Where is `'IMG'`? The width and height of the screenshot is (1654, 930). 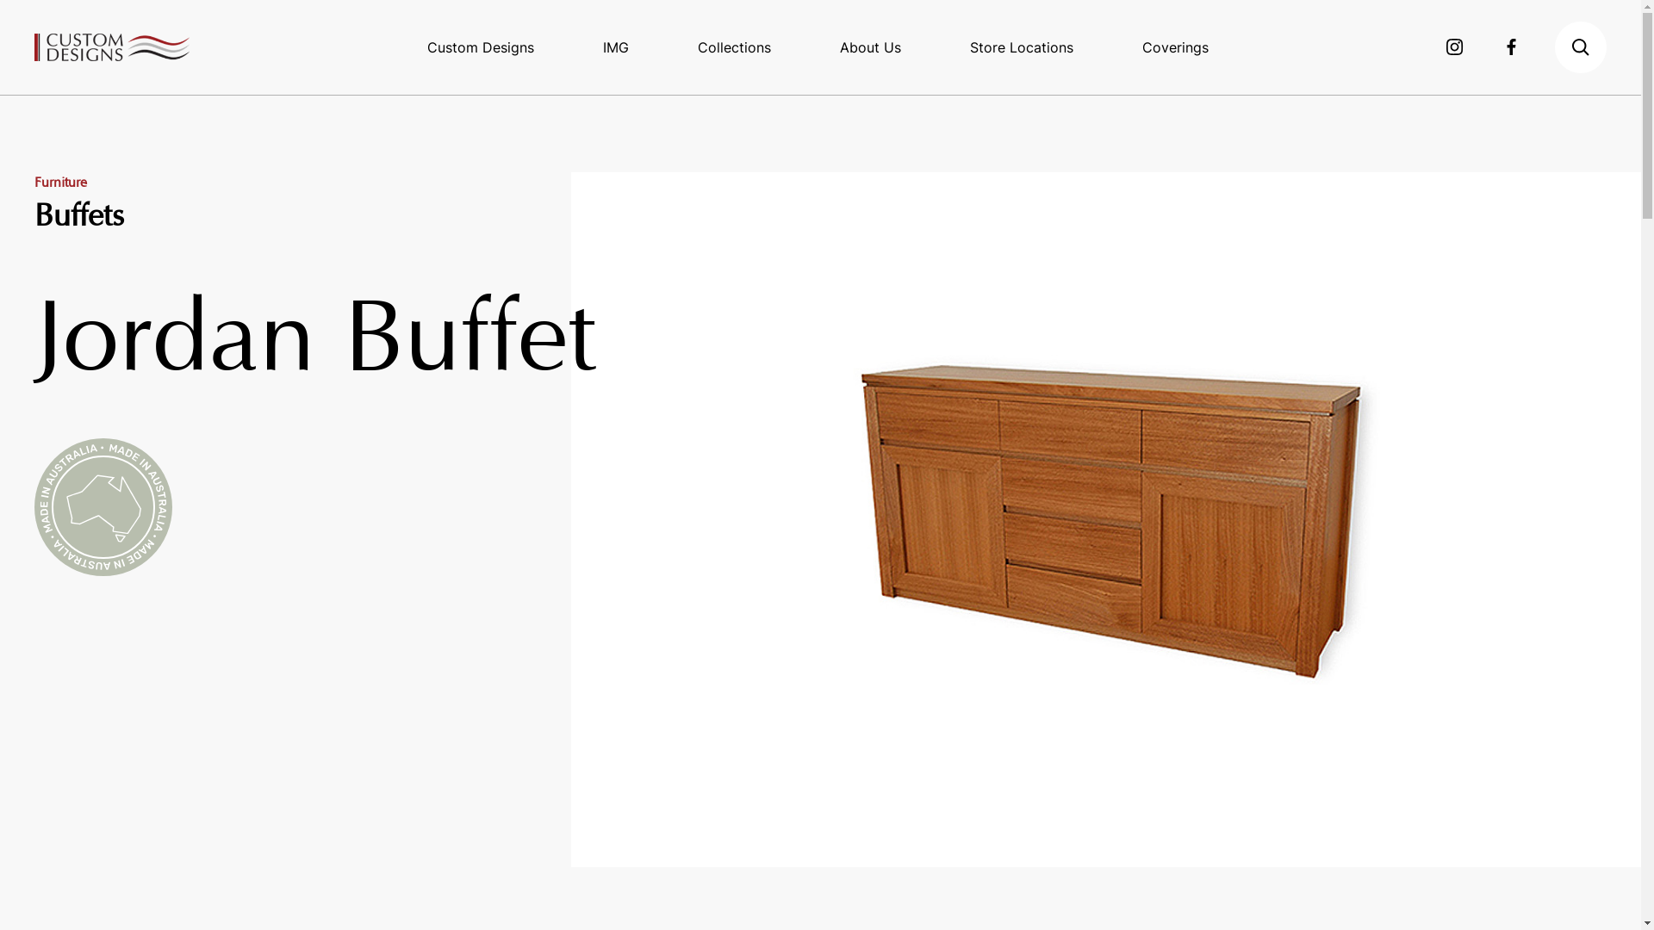
'IMG' is located at coordinates (616, 46).